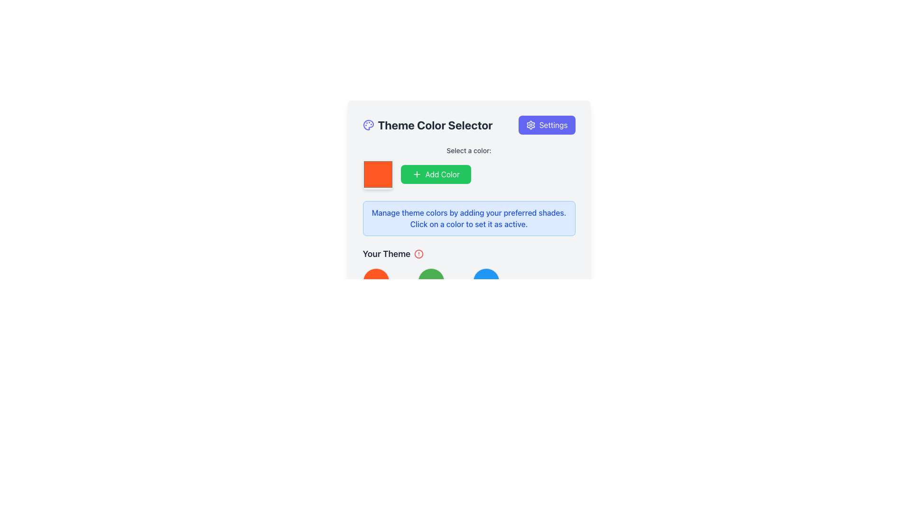  What do you see at coordinates (469, 219) in the screenshot?
I see `informational text block that instructs users on managing theme colors, located in the middle of the interface below the 'Add Color' button and above the 'Your Theme' section` at bounding box center [469, 219].